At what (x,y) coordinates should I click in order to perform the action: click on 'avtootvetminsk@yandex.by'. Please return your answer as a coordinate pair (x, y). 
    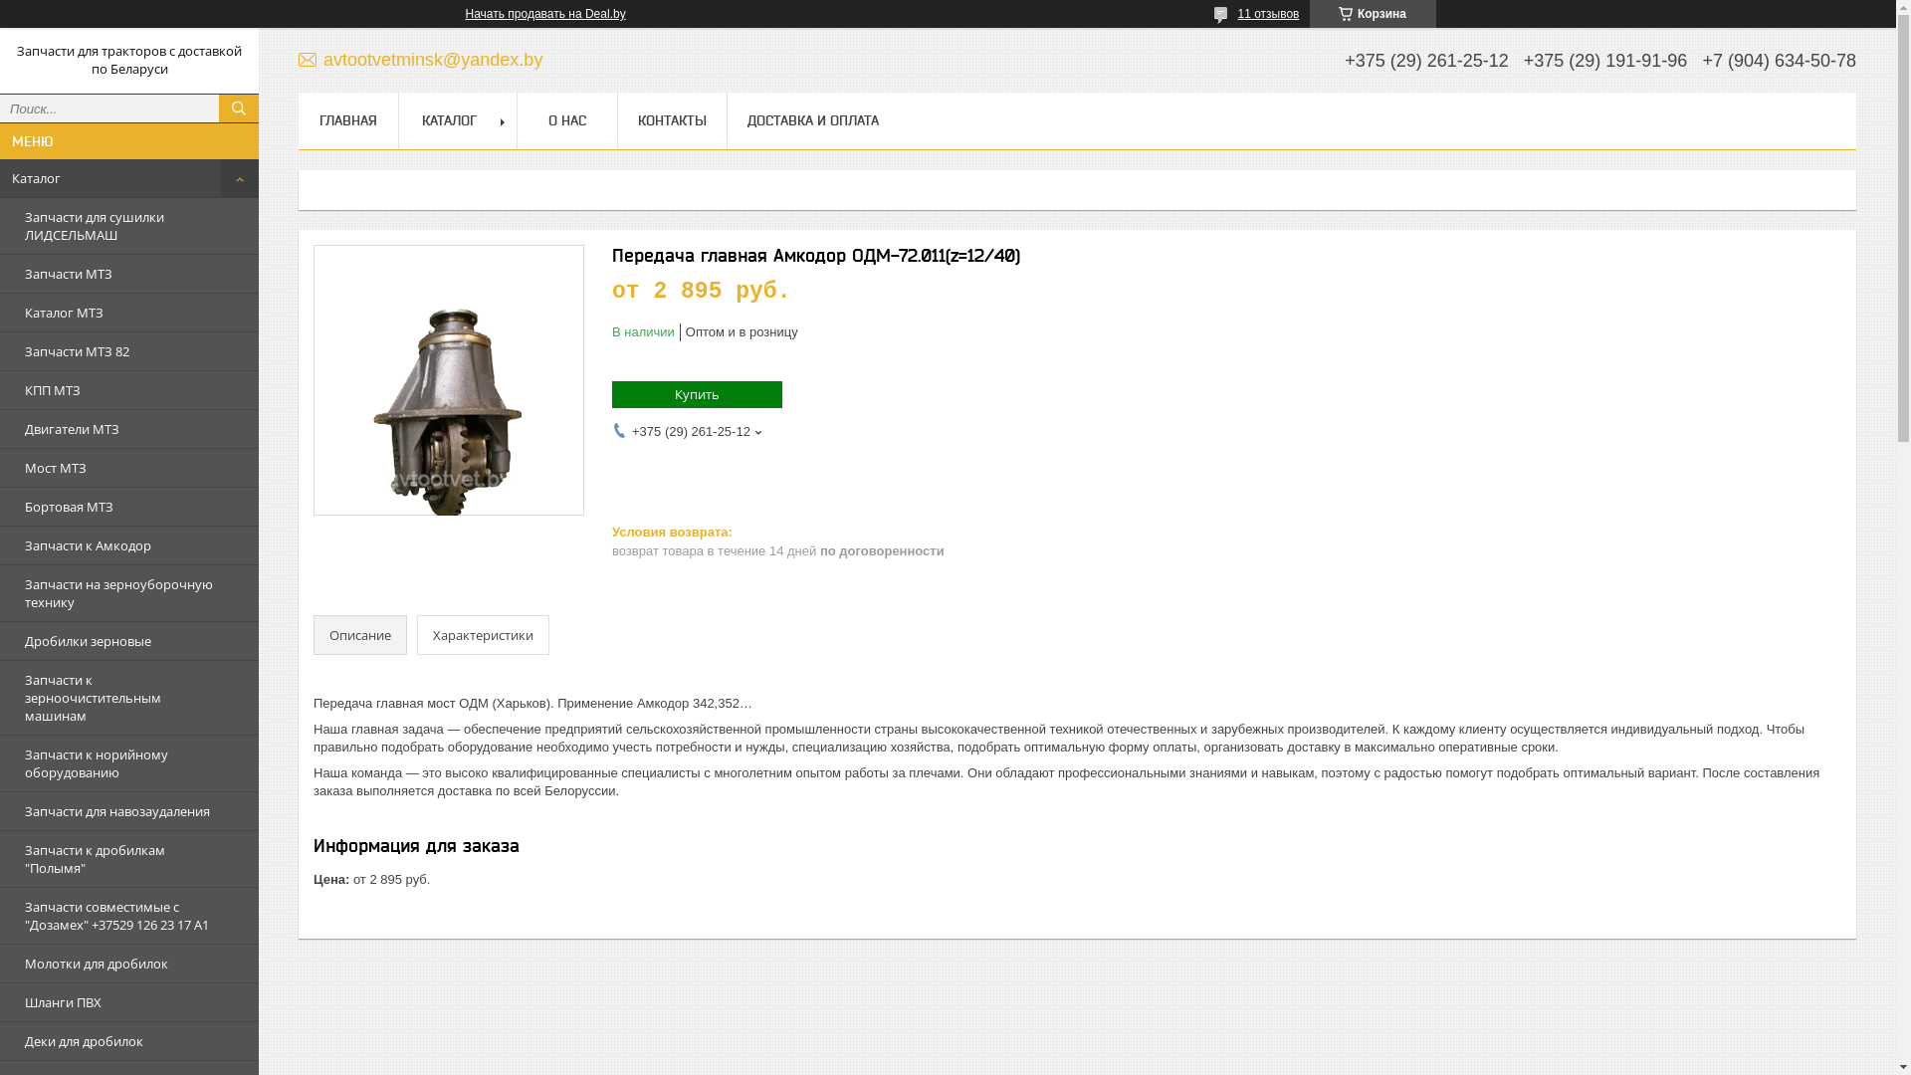
    Looking at the image, I should click on (419, 59).